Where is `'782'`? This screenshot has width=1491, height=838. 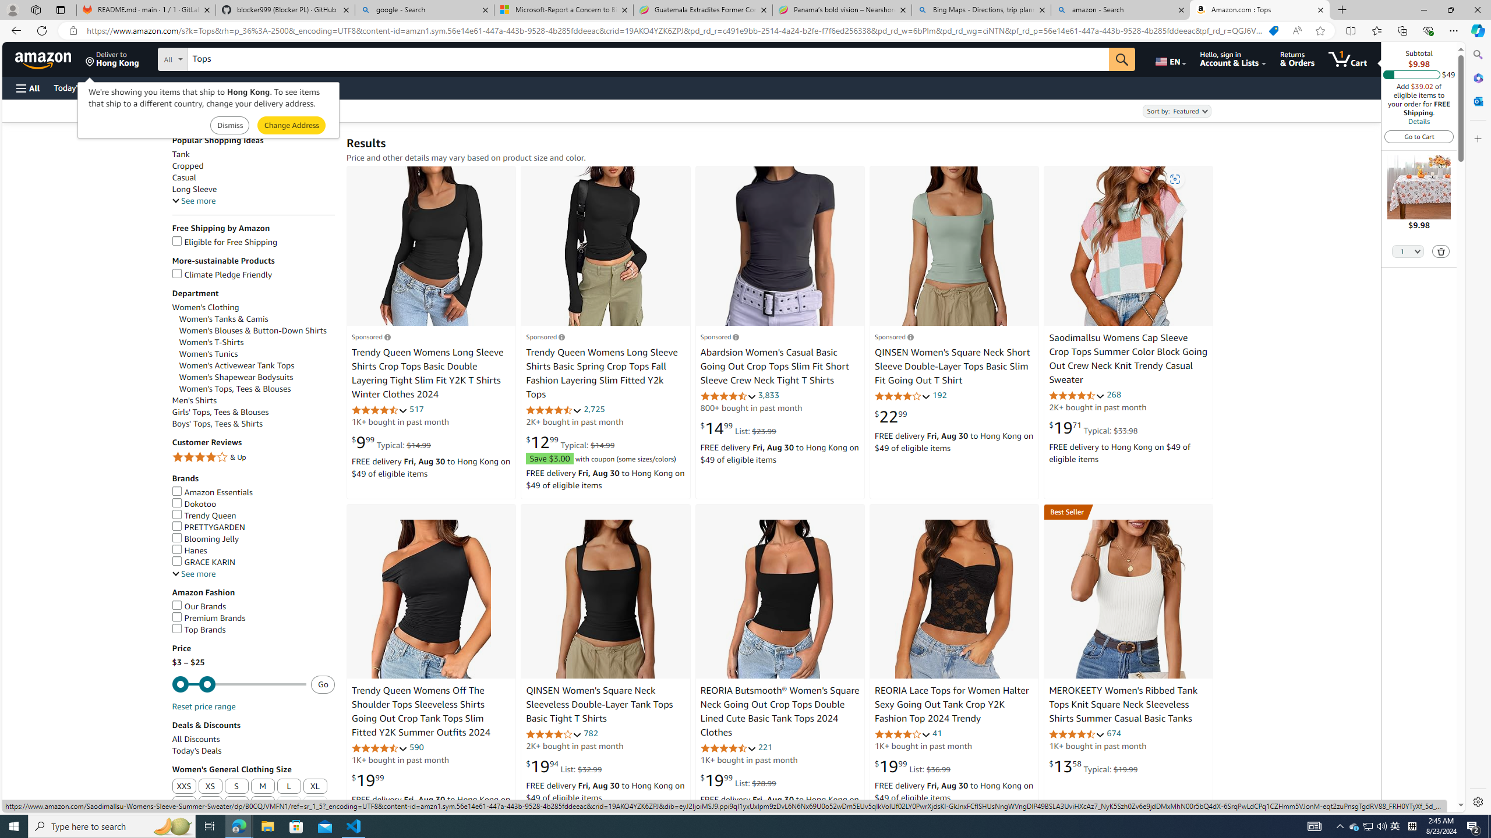 '782' is located at coordinates (589, 733).